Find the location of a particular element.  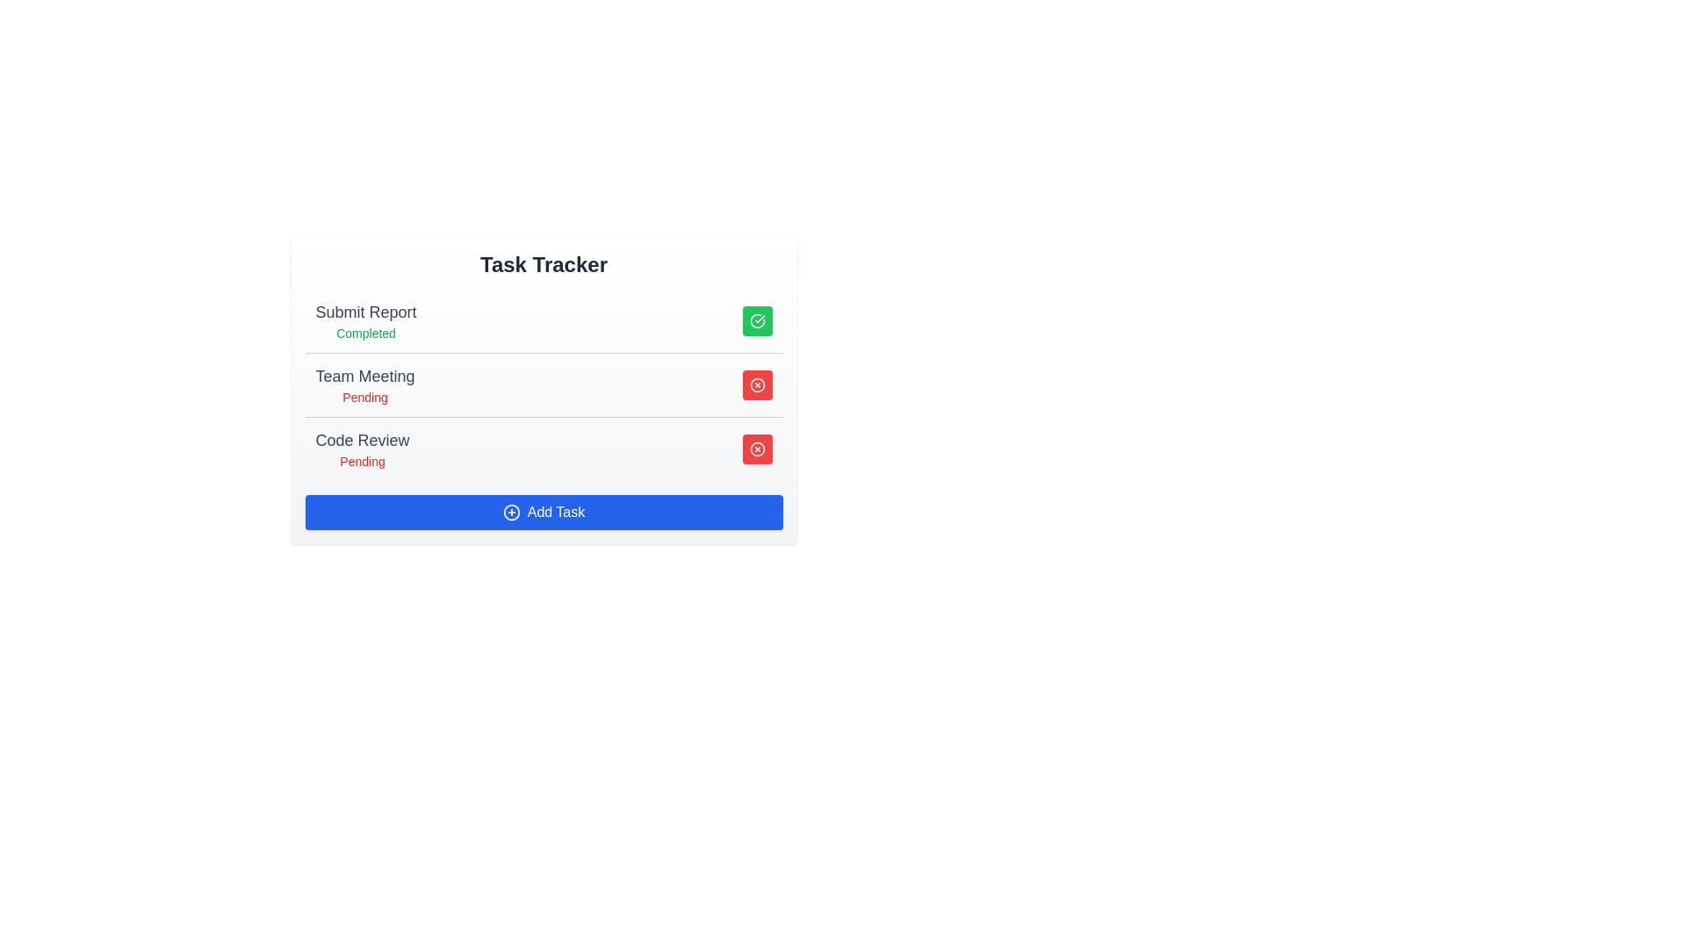

the icon inside the 'Add Task' button located at the bottom of the Task Tracker interface is located at coordinates (510, 512).